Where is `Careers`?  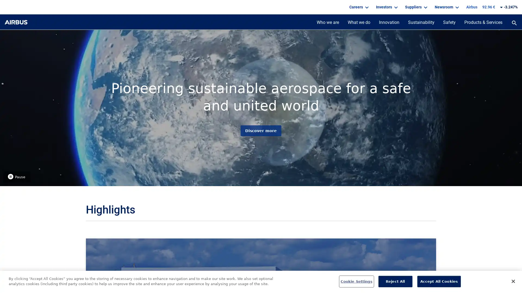
Careers is located at coordinates (358, 7).